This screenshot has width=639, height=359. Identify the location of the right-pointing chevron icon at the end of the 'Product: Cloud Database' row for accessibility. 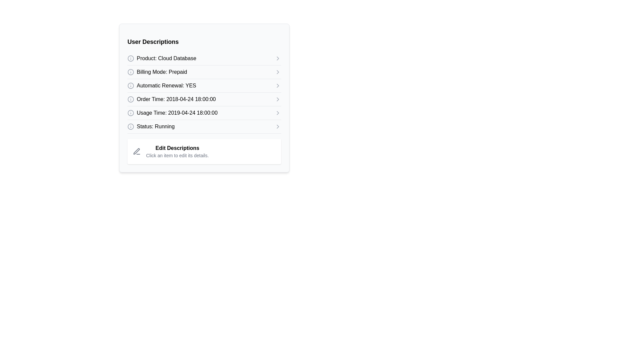
(278, 58).